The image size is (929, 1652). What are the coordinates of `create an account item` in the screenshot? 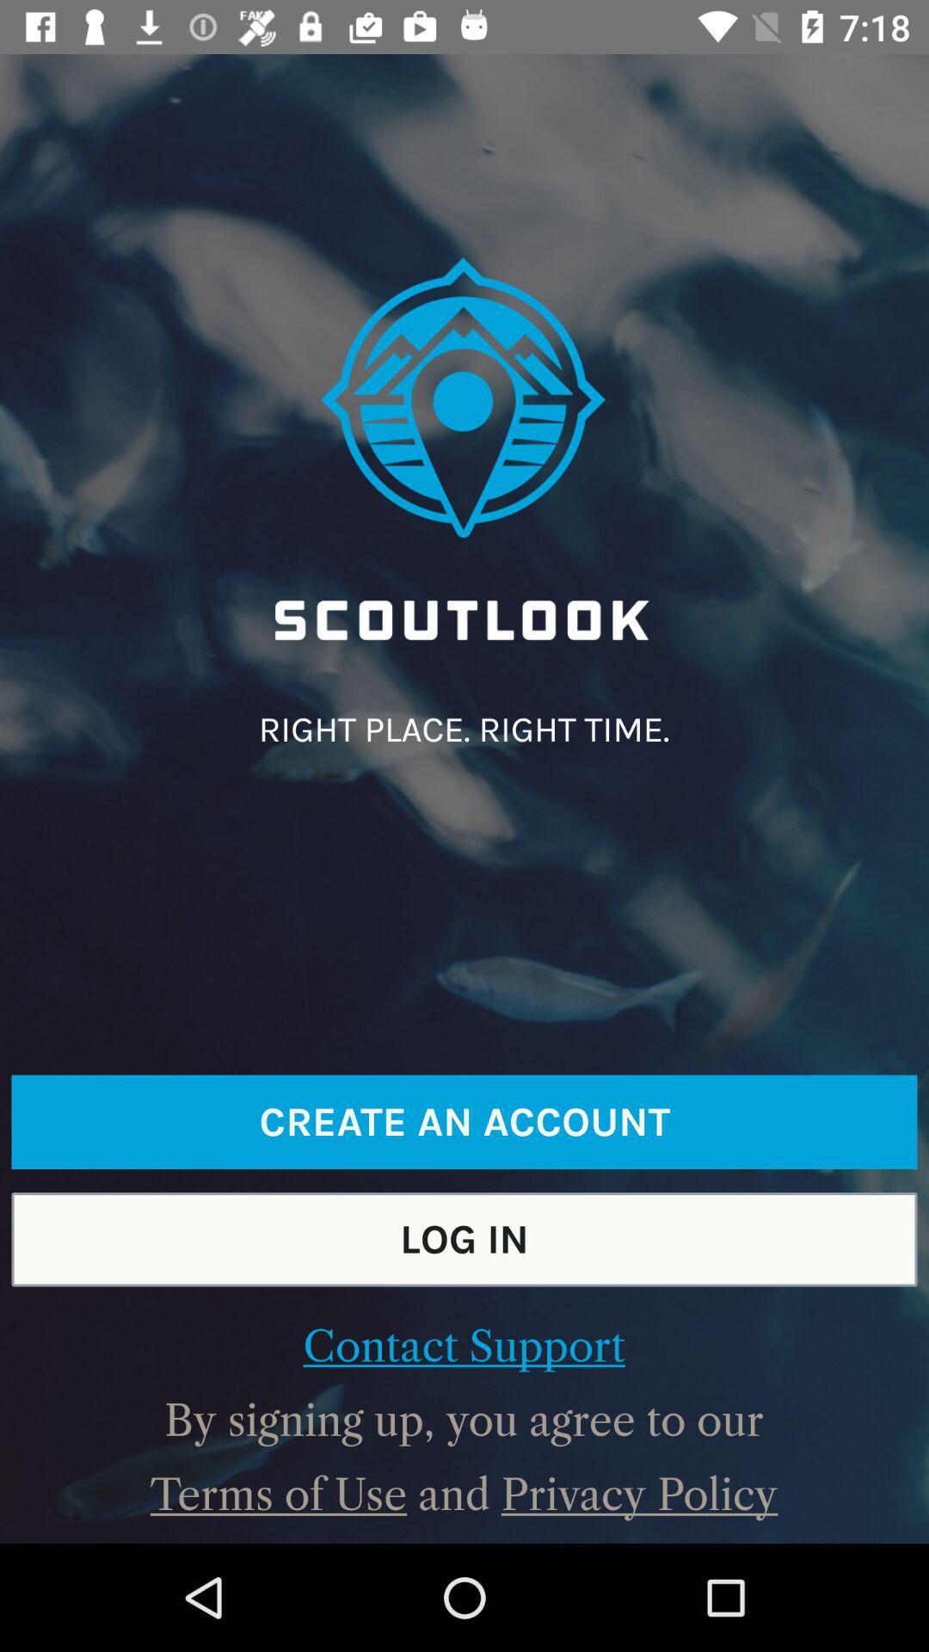 It's located at (464, 1122).